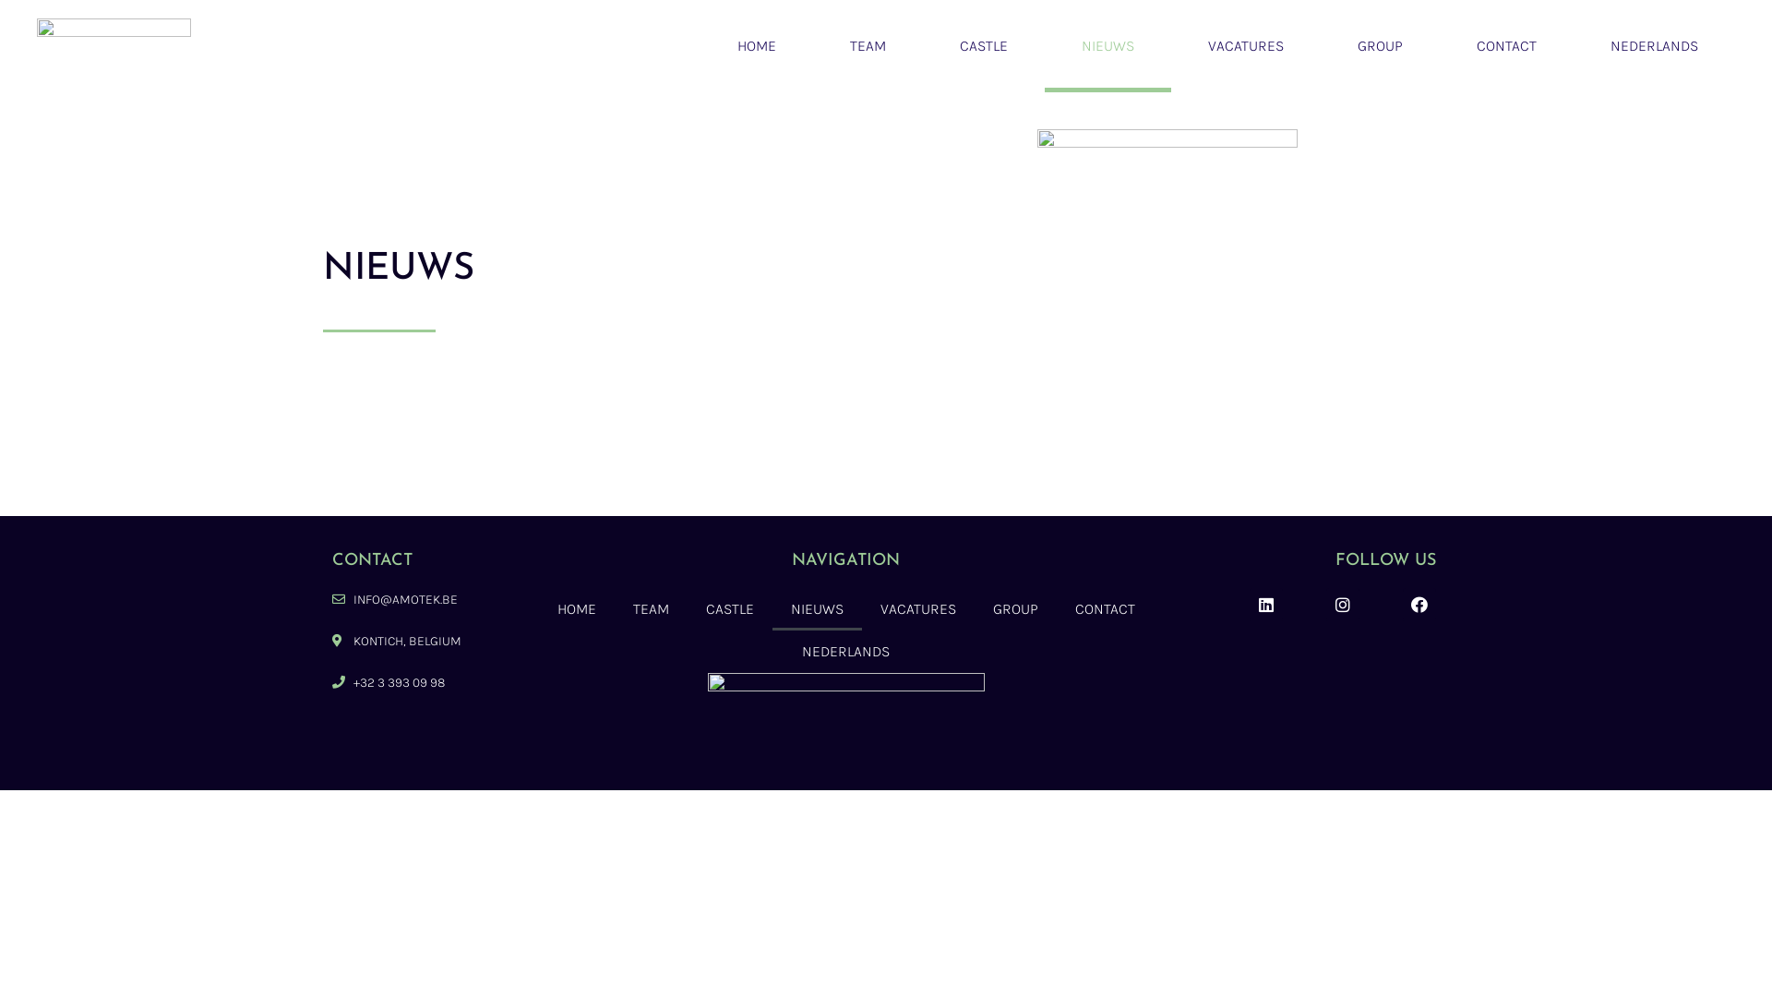  What do you see at coordinates (575, 608) in the screenshot?
I see `'HOME'` at bounding box center [575, 608].